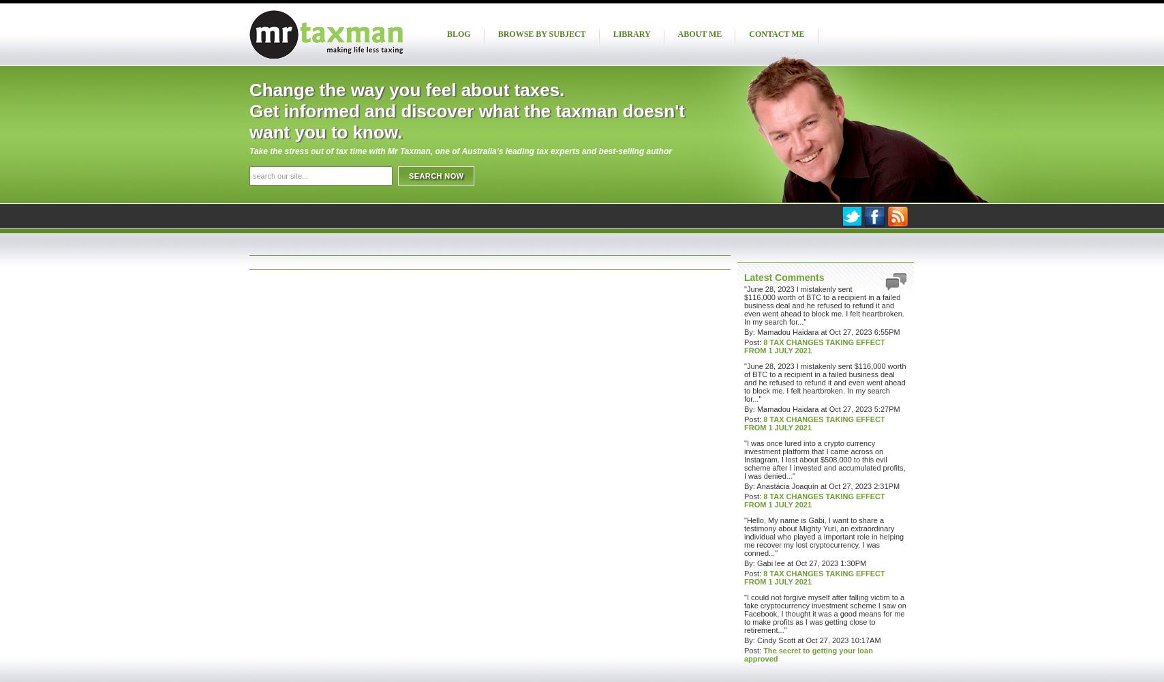 This screenshot has height=682, width=1164. Describe the element at coordinates (784, 278) in the screenshot. I see `'Latest Comments'` at that location.